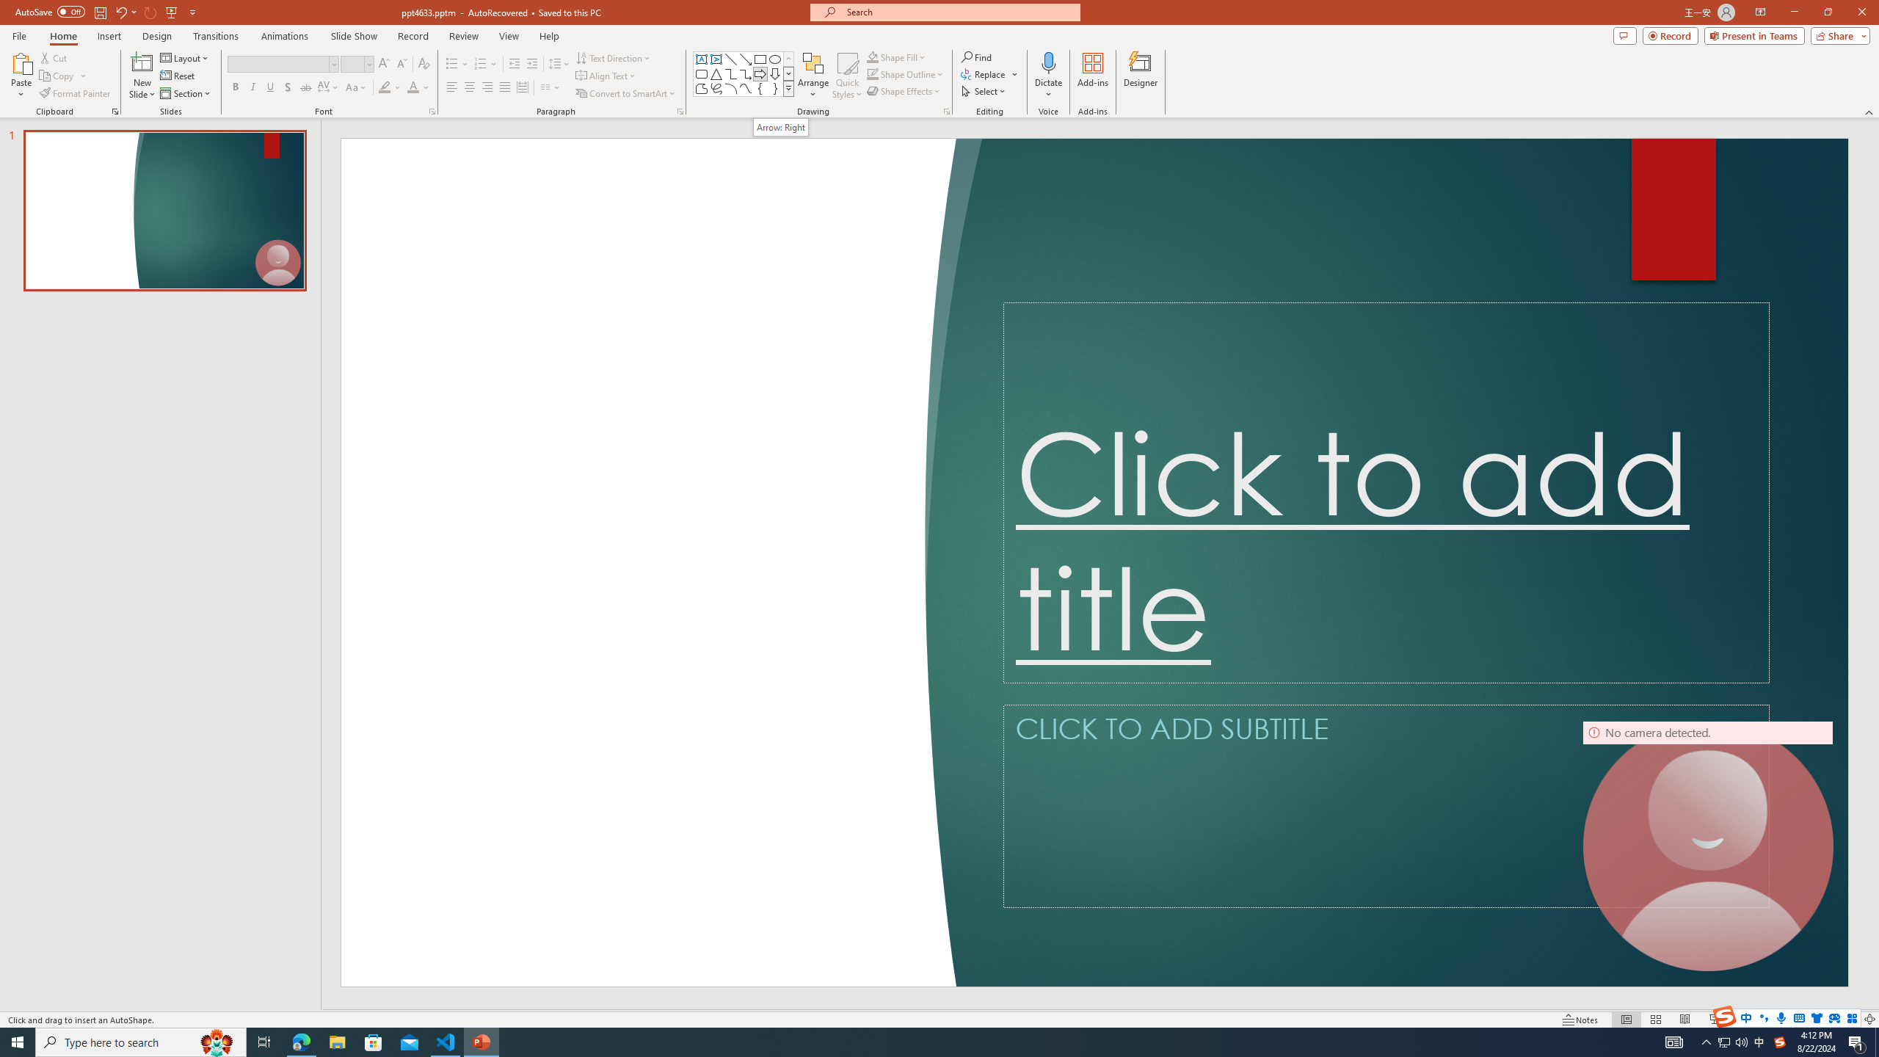  Describe the element at coordinates (976, 57) in the screenshot. I see `'Find...'` at that location.